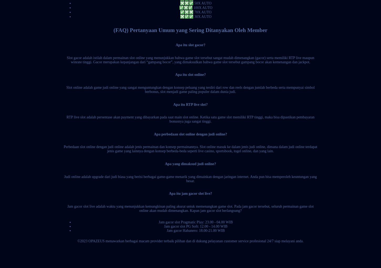 The width and height of the screenshot is (381, 268). Describe the element at coordinates (190, 178) in the screenshot. I see `'Judi online adalah upgrade dari judi biasa yang berisi berbagai game-game menarik yang dimainkan dengan jaringan internet. Anda pun bisa memperoleh keuntungan yang besar.'` at that location.